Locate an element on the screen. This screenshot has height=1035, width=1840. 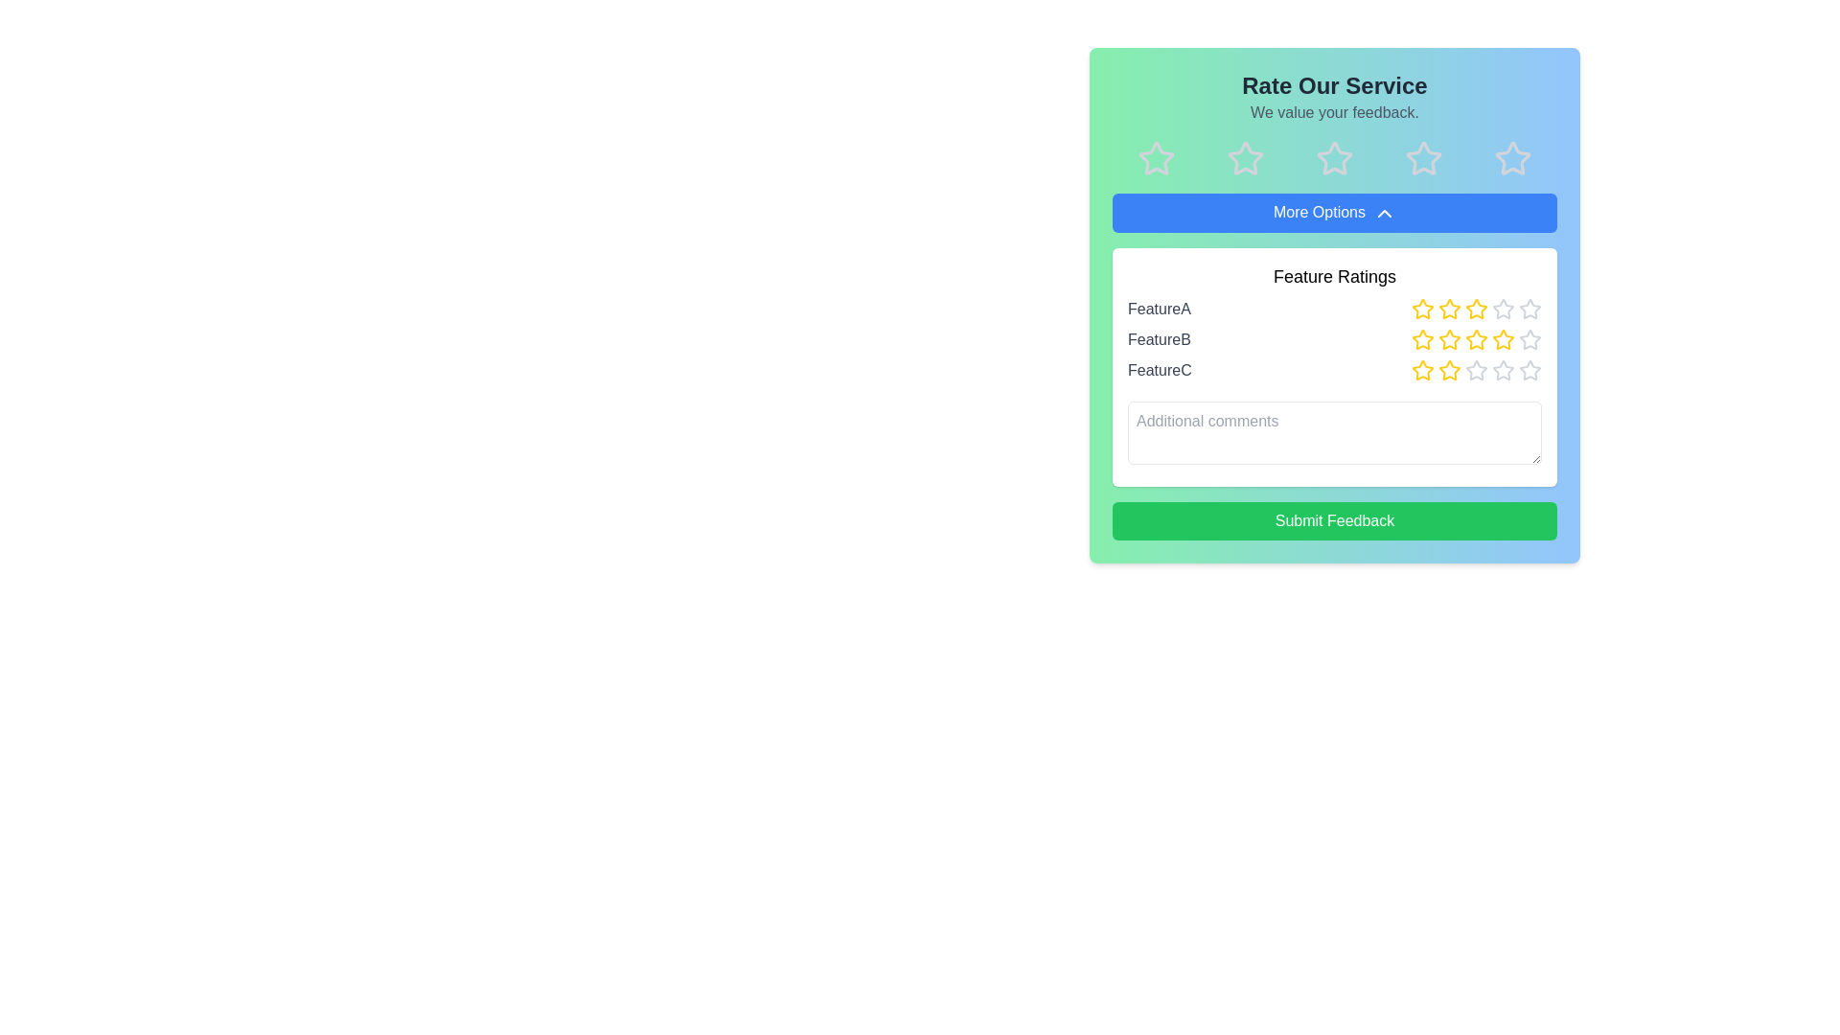
the fourth star in the third row of the rating system under 'FeatureB' is located at coordinates (1503, 338).